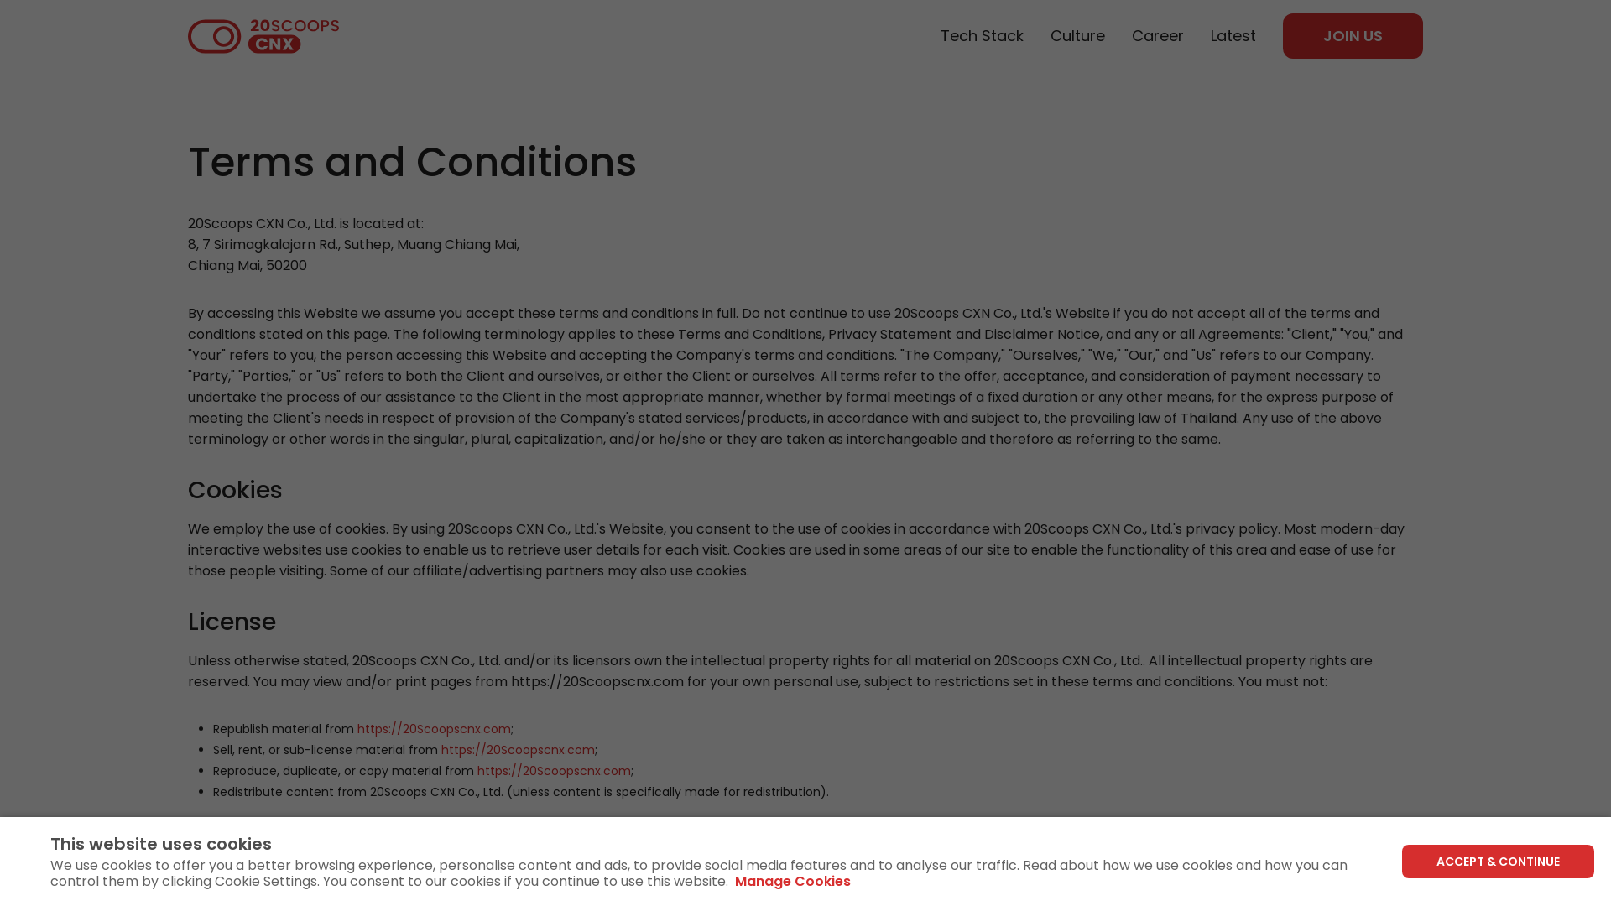  I want to click on 'ACCEPT & CONTINUE', so click(1498, 861).